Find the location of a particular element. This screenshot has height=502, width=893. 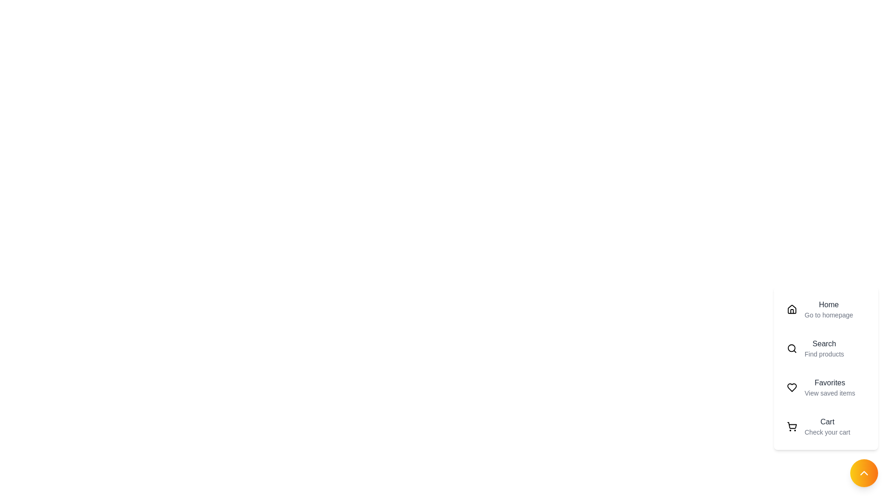

the toggle button to change the menu visibility is located at coordinates (863, 473).